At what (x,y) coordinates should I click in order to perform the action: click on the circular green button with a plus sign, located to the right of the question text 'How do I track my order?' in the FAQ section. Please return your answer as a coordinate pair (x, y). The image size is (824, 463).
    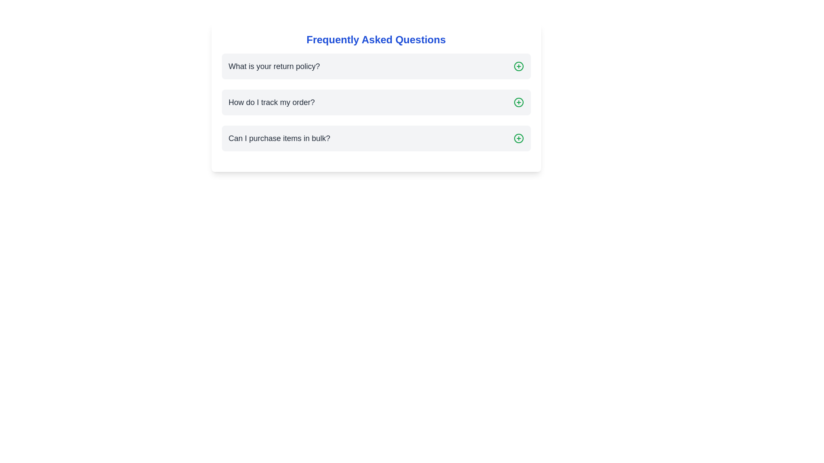
    Looking at the image, I should click on (518, 102).